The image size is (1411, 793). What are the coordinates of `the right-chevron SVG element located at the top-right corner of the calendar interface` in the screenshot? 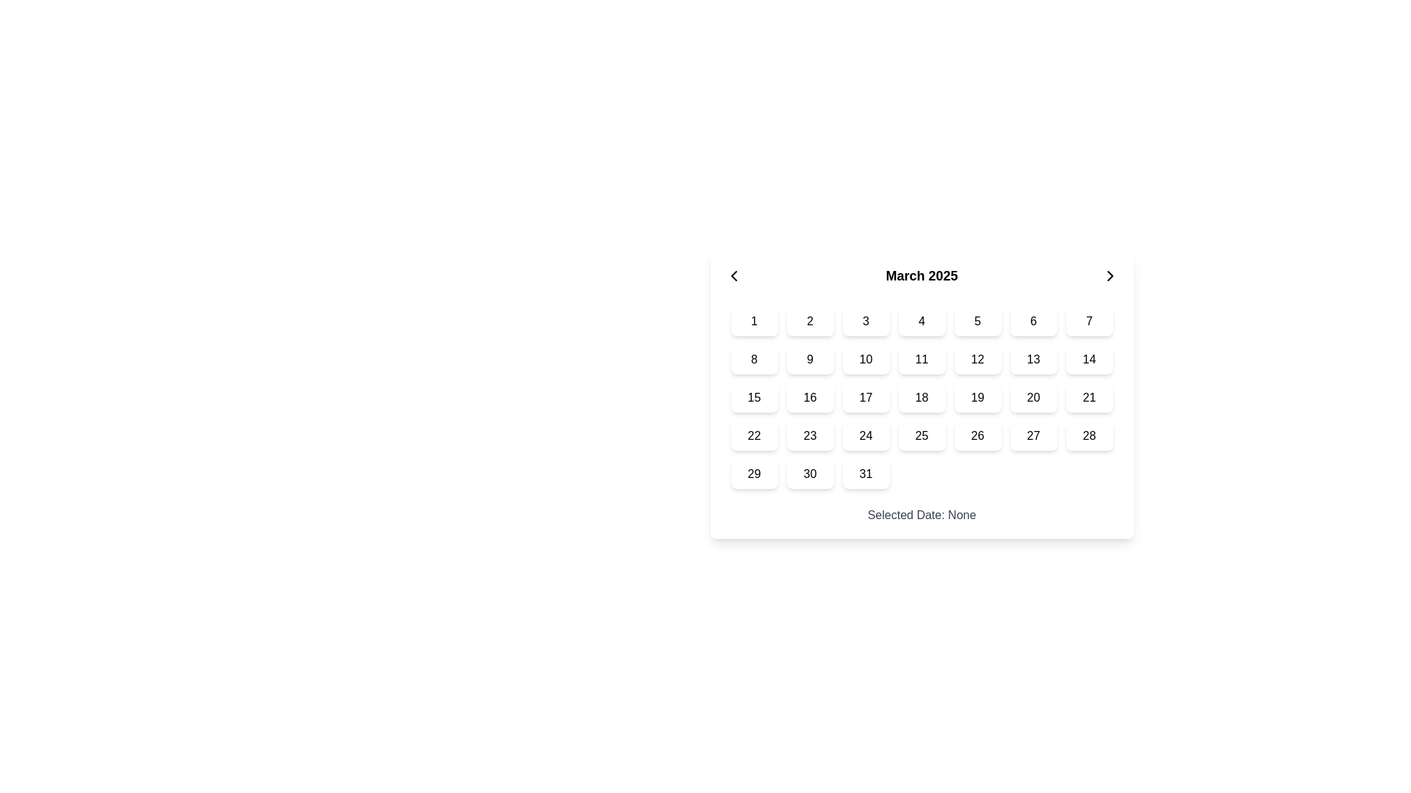 It's located at (1110, 275).